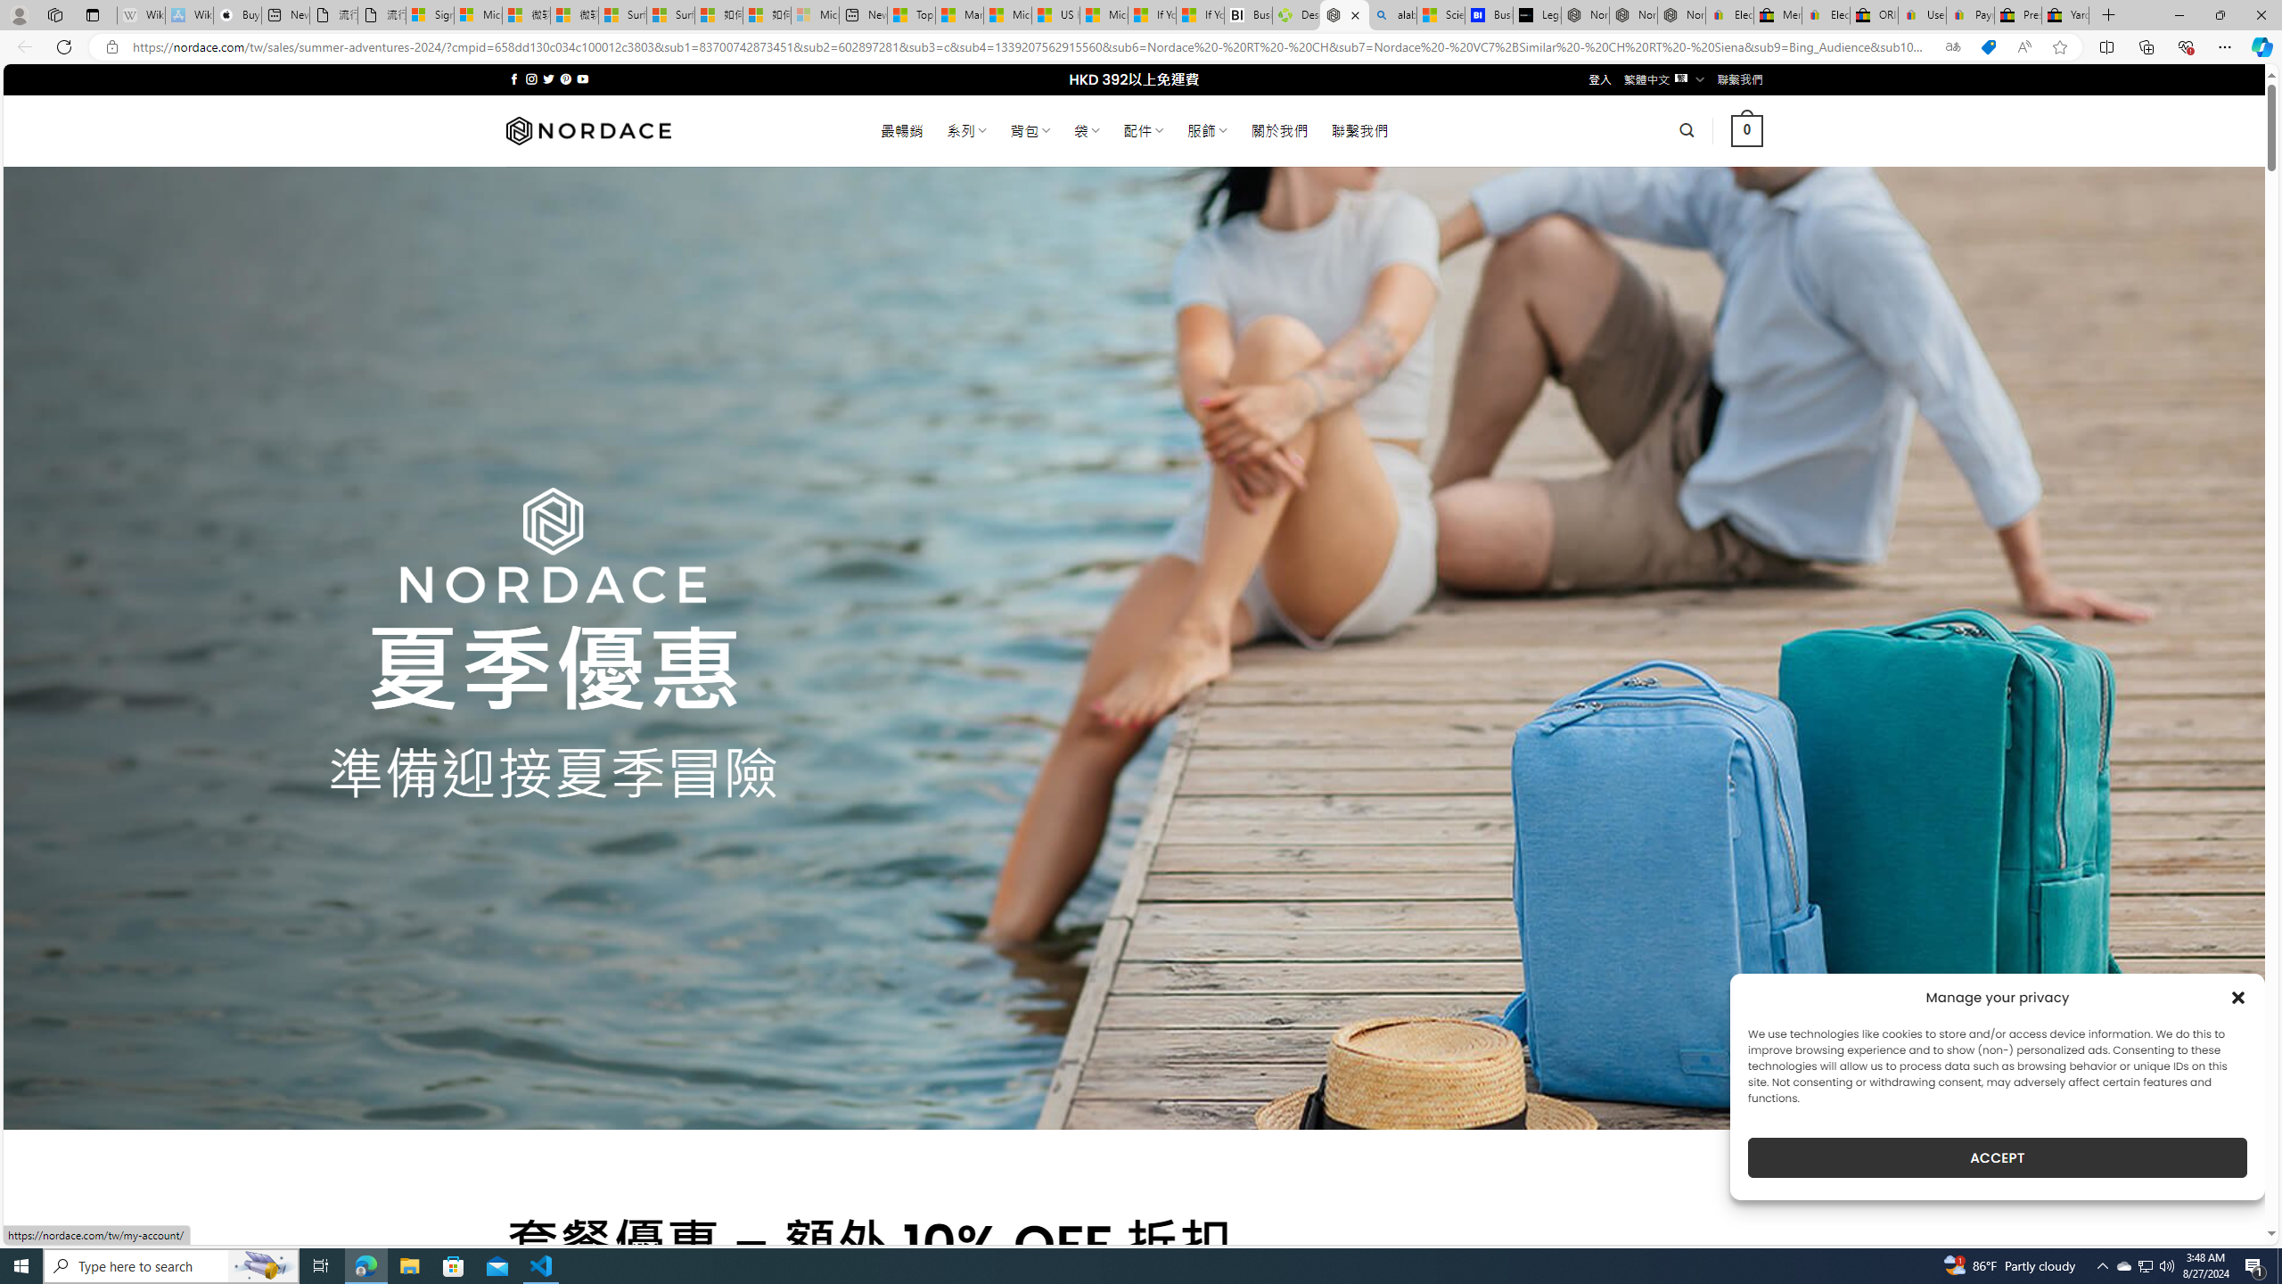  I want to click on 'Follow on Facebook', so click(513, 78).